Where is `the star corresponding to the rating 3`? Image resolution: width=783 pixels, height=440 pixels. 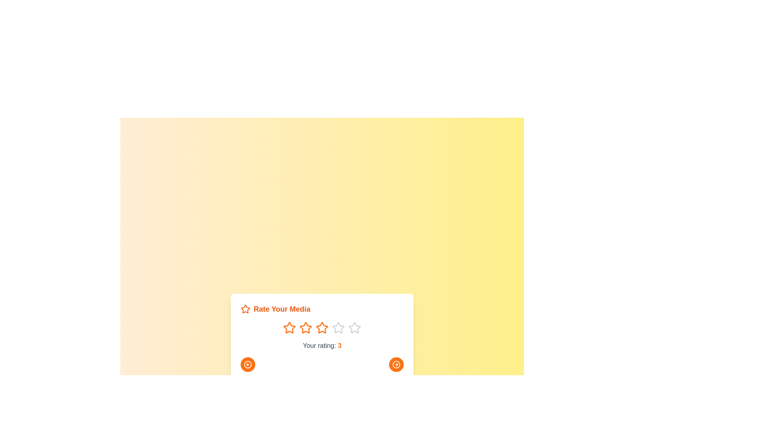 the star corresponding to the rating 3 is located at coordinates (322, 328).